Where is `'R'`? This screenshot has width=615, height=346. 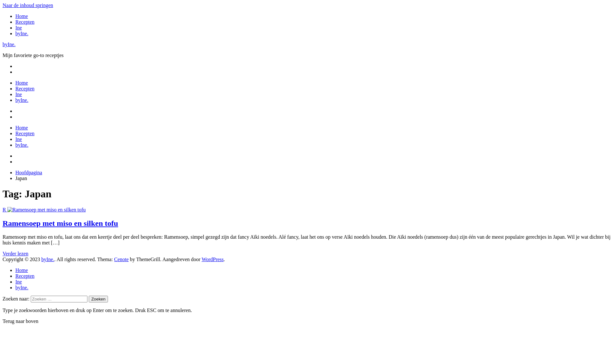 'R' is located at coordinates (44, 210).